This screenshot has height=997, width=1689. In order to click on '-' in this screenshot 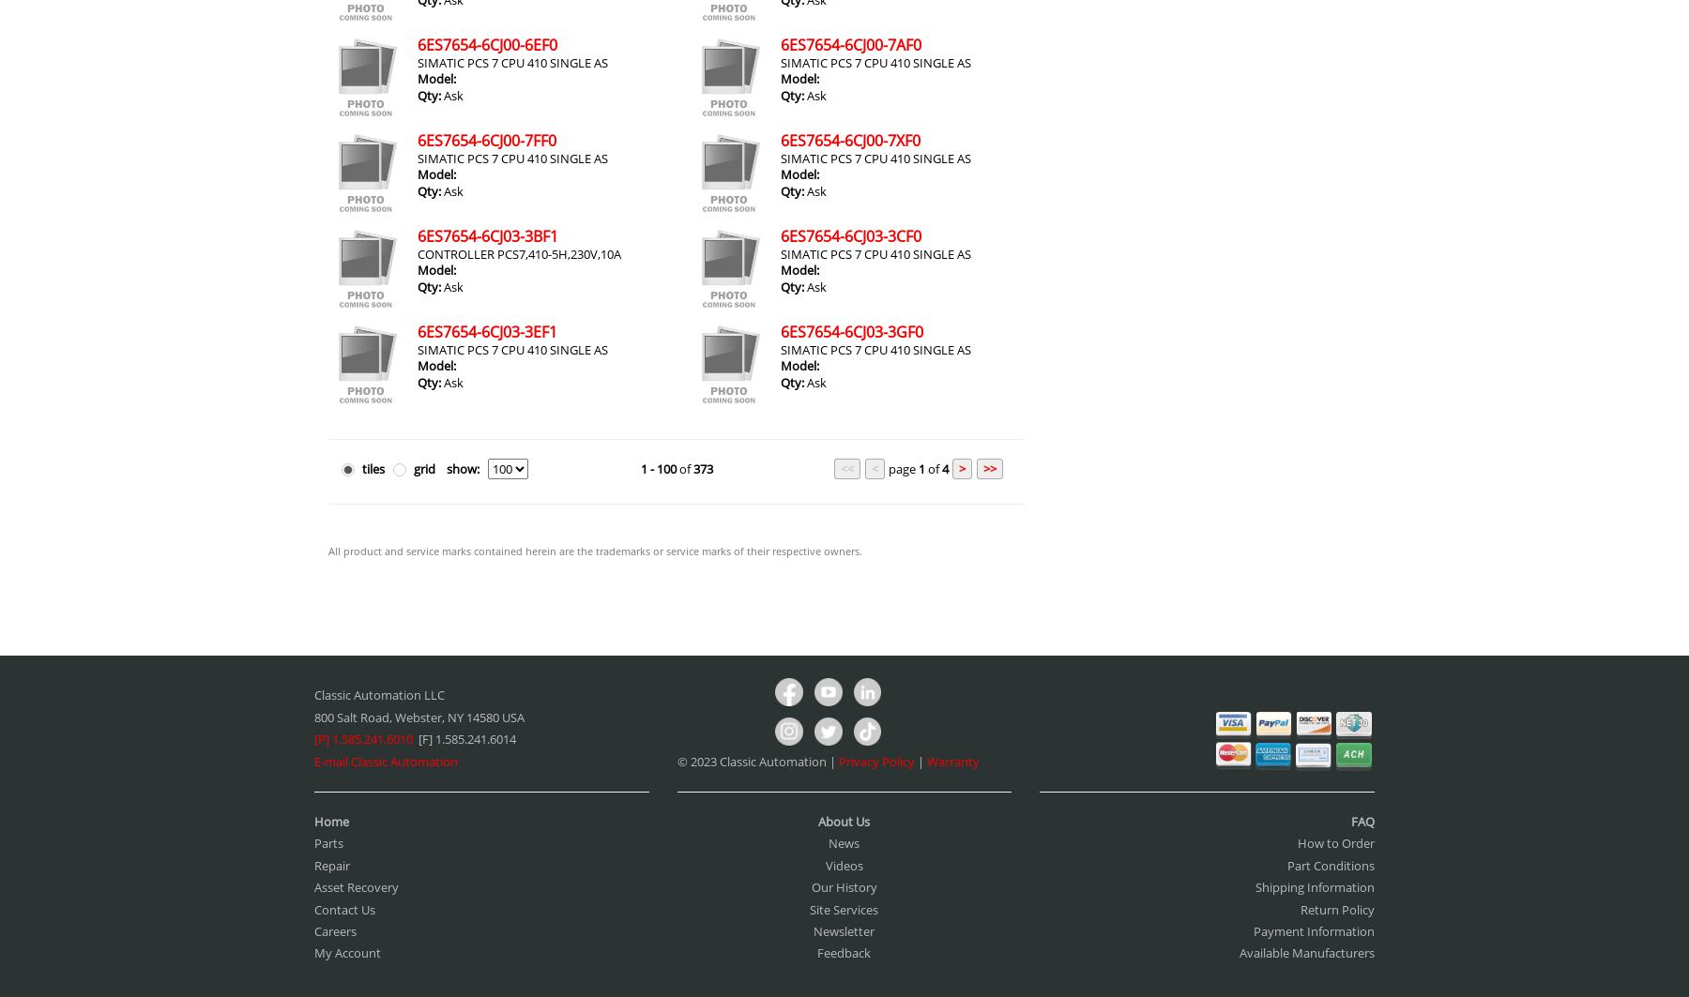, I will do `click(650, 469)`.